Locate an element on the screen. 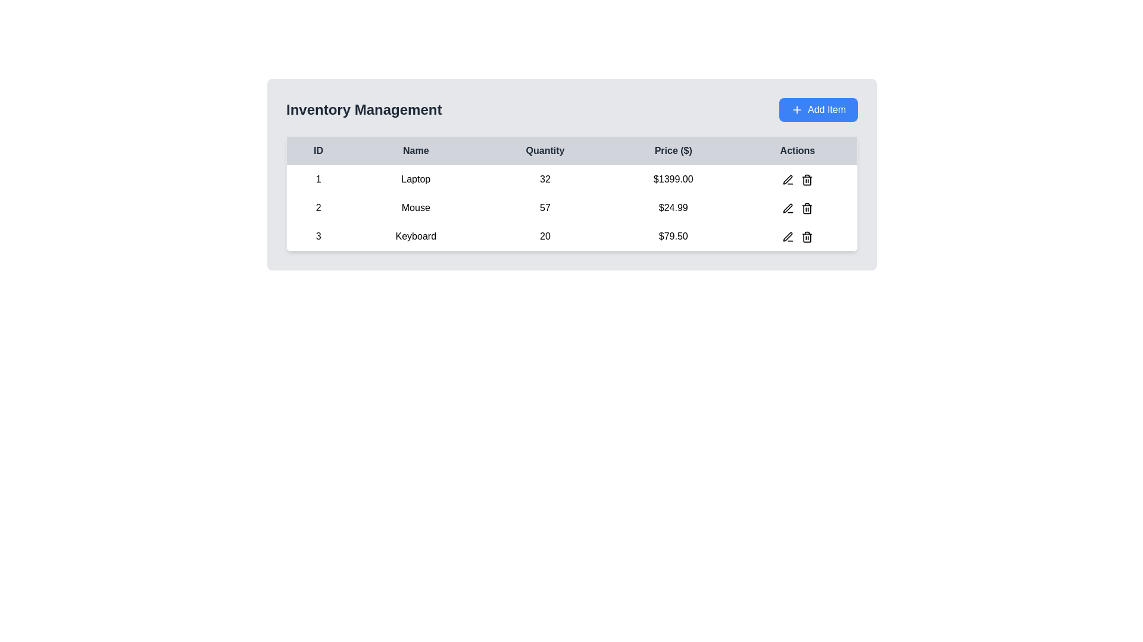  the text label displaying the quantity of the item 'Keyboard' in the inventory, located in the third cell of the corresponding table row is located at coordinates (545, 237).